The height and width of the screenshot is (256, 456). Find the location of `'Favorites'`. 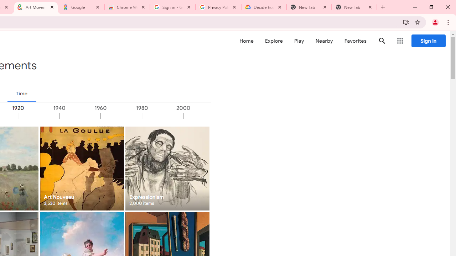

'Favorites' is located at coordinates (355, 41).